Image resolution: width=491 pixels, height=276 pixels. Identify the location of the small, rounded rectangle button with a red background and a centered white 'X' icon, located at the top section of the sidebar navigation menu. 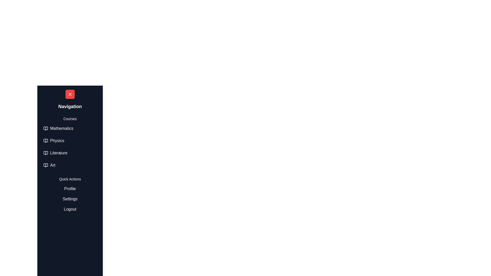
(70, 94).